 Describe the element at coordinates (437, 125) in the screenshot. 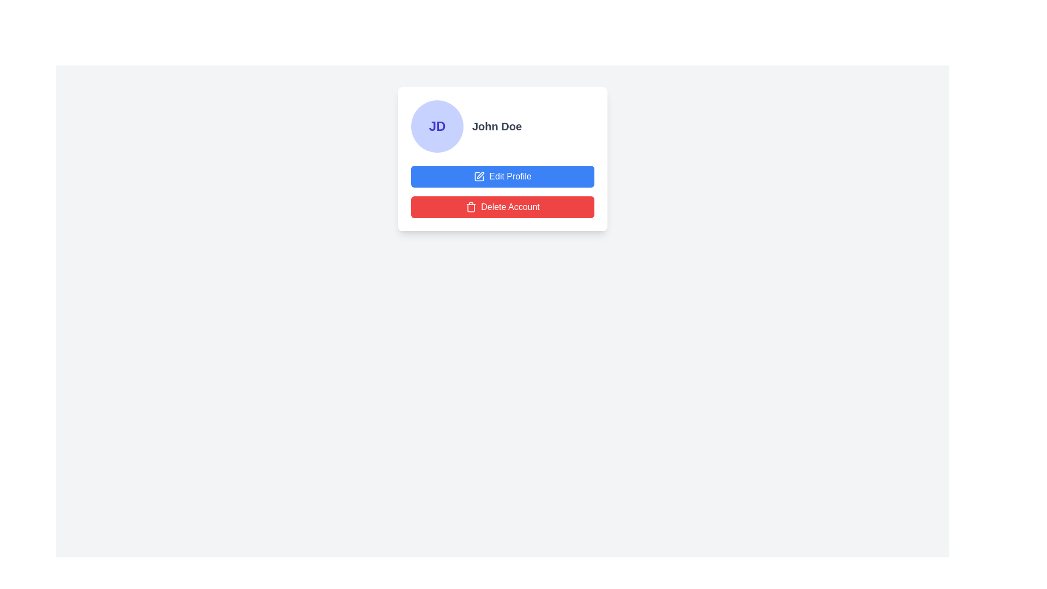

I see `the bold, uppercase text 'JD' styled in indigo color, which is centered inside a circular indigo-themed background located in the top-left corner of the profile card` at that location.